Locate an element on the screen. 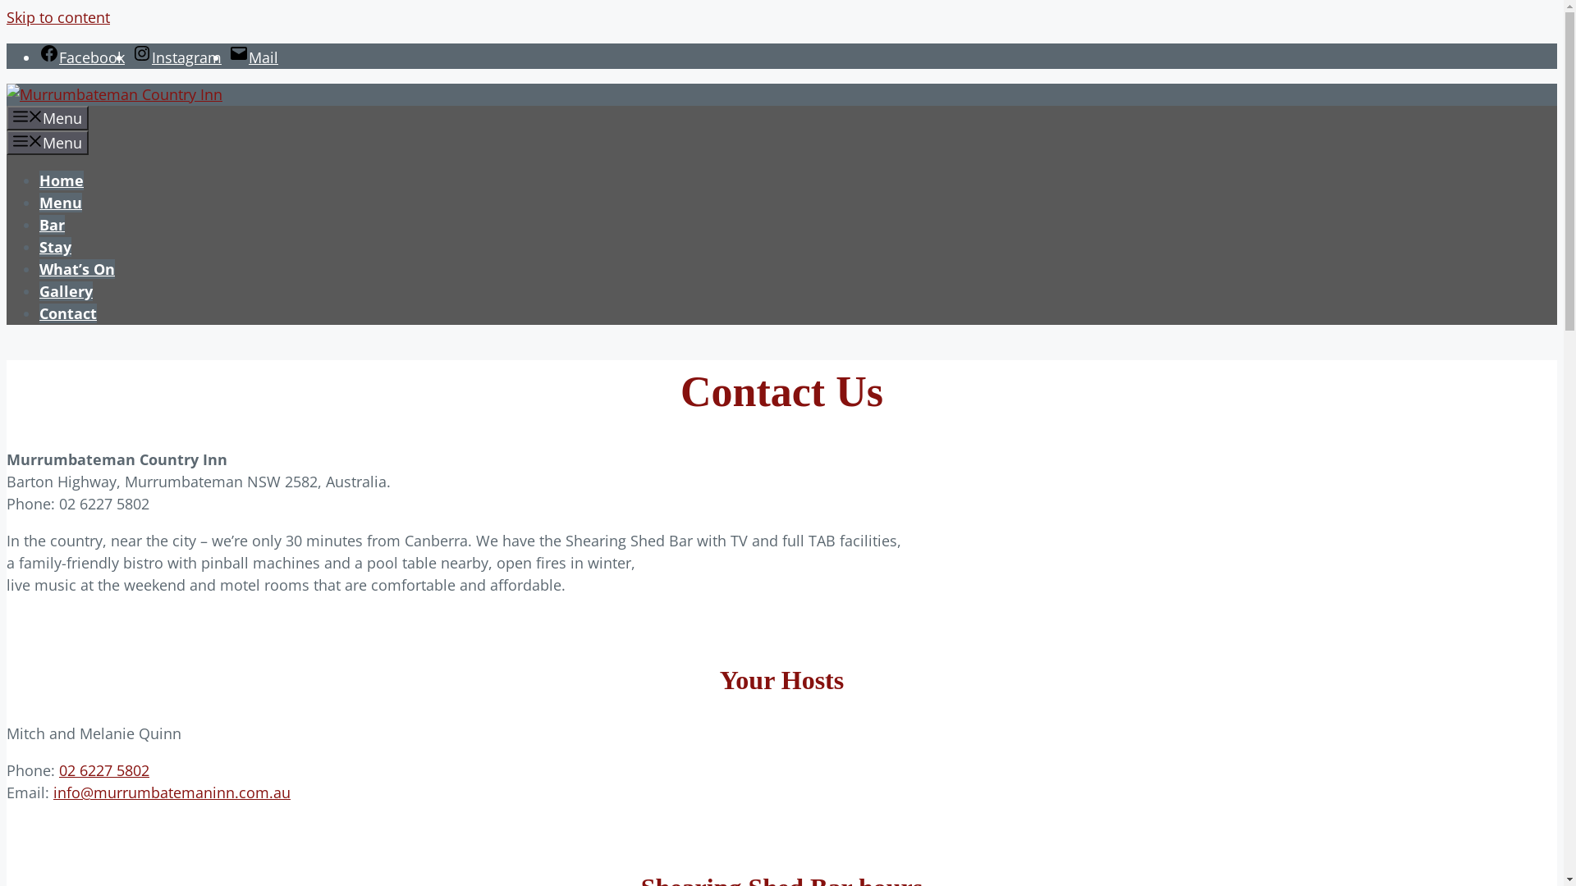 This screenshot has height=886, width=1576. 'Contact' is located at coordinates (66, 313).